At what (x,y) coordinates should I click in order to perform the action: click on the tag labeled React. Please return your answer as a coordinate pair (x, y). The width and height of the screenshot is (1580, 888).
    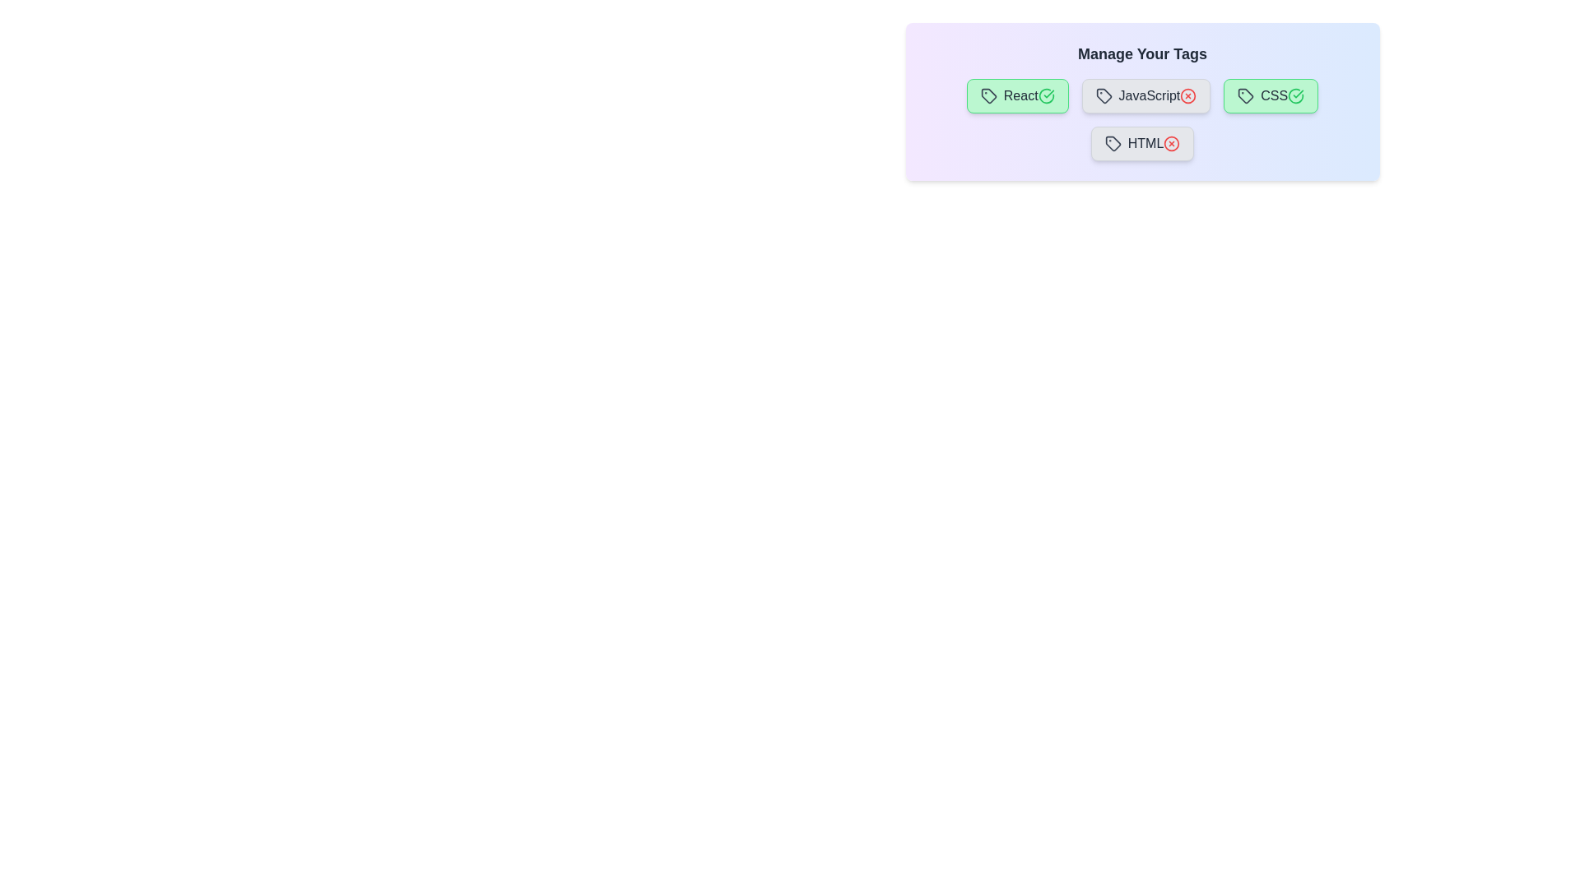
    Looking at the image, I should click on (1016, 95).